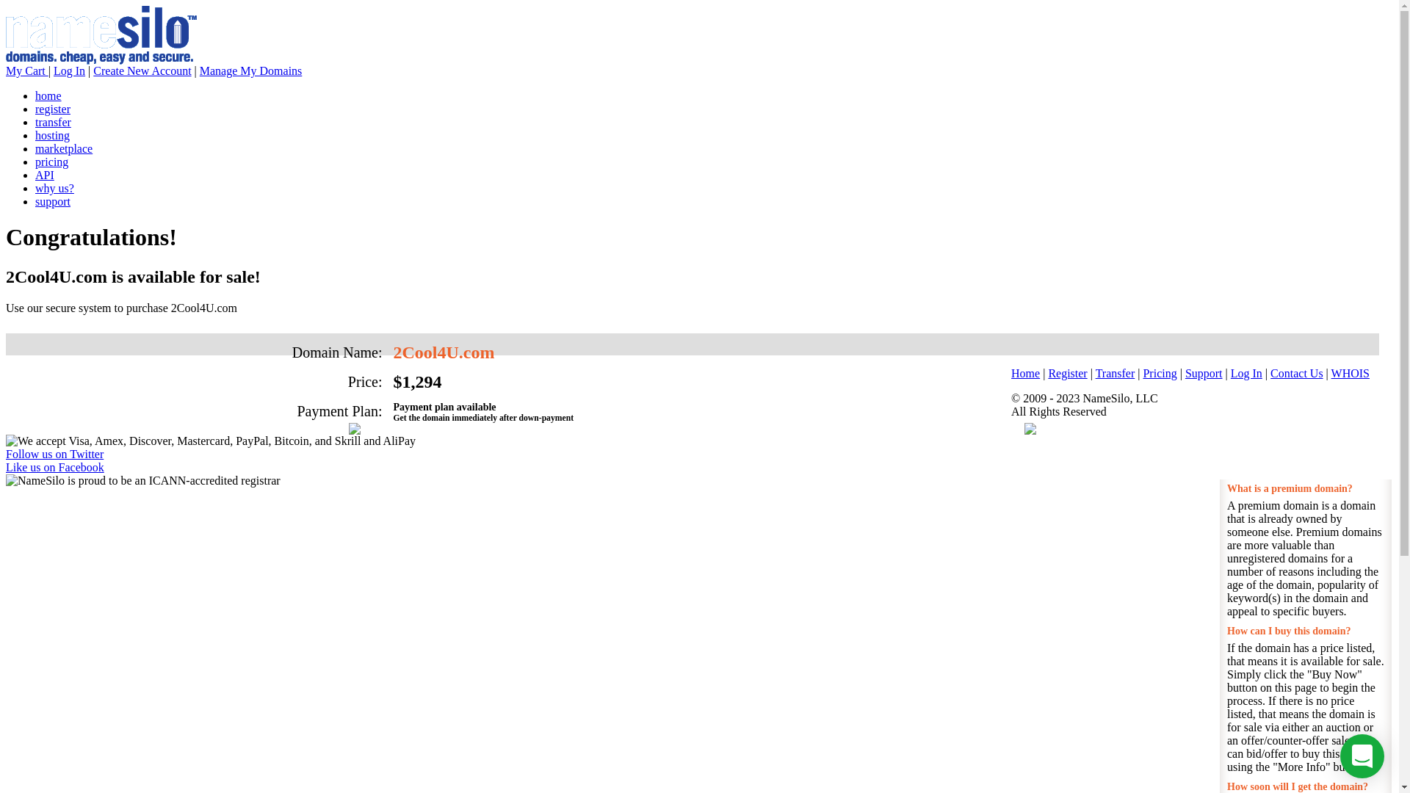 The image size is (1410, 793). What do you see at coordinates (62, 148) in the screenshot?
I see `'marketplace'` at bounding box center [62, 148].